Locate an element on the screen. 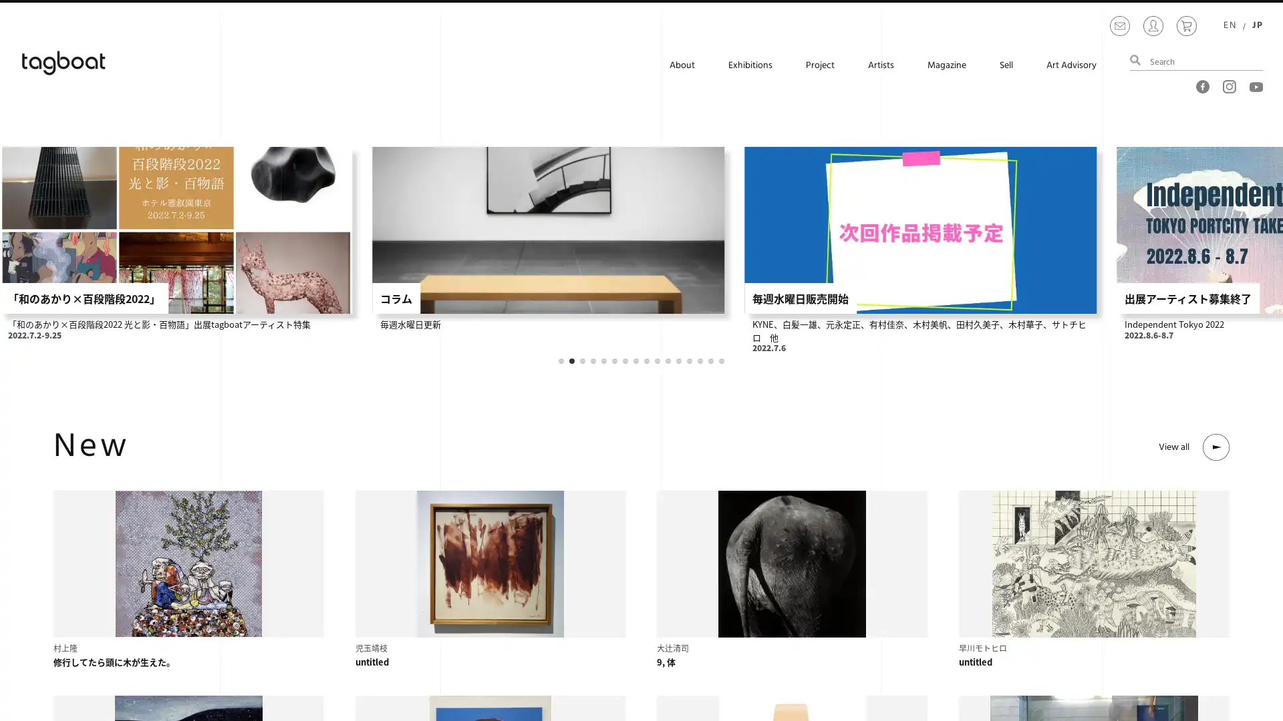 This screenshot has width=1283, height=721. Go to slide 4 is located at coordinates (593, 360).